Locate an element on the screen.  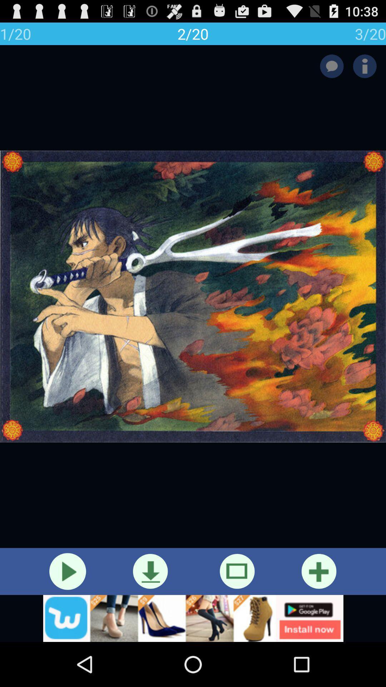
the video is located at coordinates (68, 571).